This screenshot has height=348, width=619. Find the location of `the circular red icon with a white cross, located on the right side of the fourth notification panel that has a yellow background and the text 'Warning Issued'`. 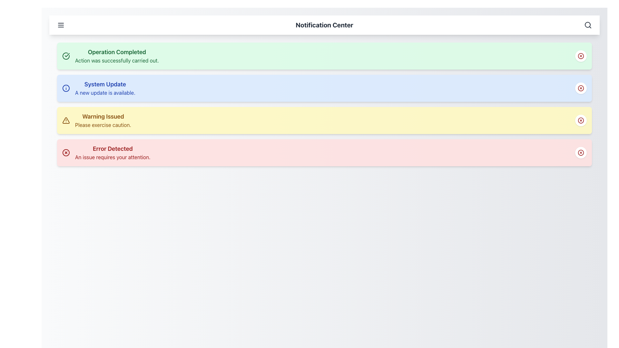

the circular red icon with a white cross, located on the right side of the fourth notification panel that has a yellow background and the text 'Warning Issued' is located at coordinates (581, 121).